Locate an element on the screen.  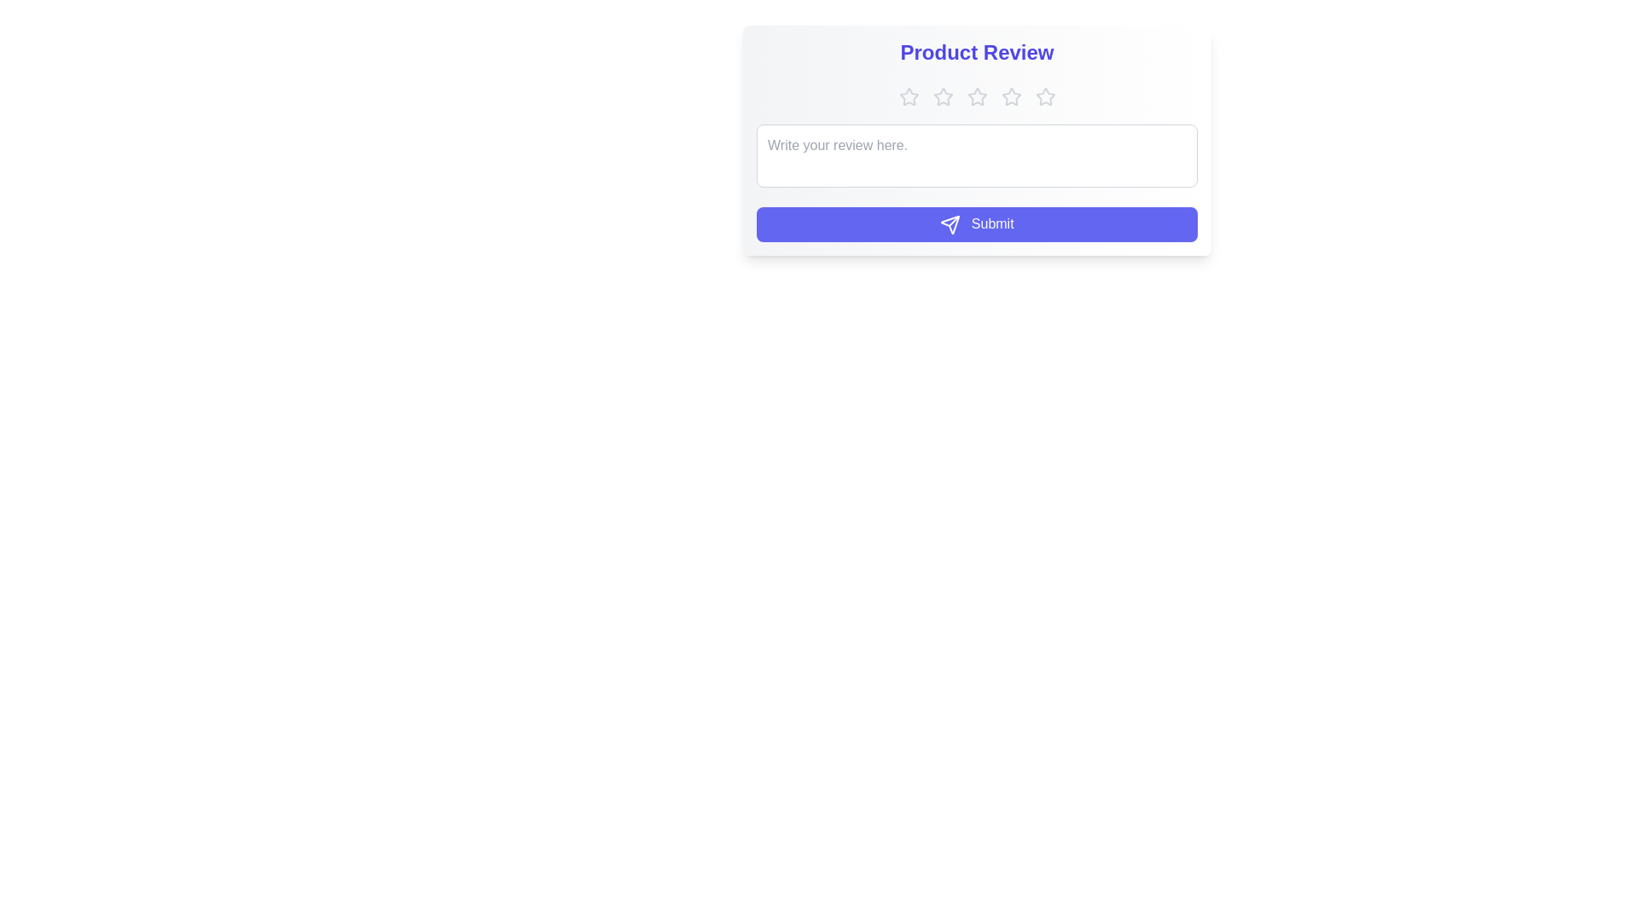
the product rating to 4 stars by clicking on the respective star is located at coordinates (1011, 97).